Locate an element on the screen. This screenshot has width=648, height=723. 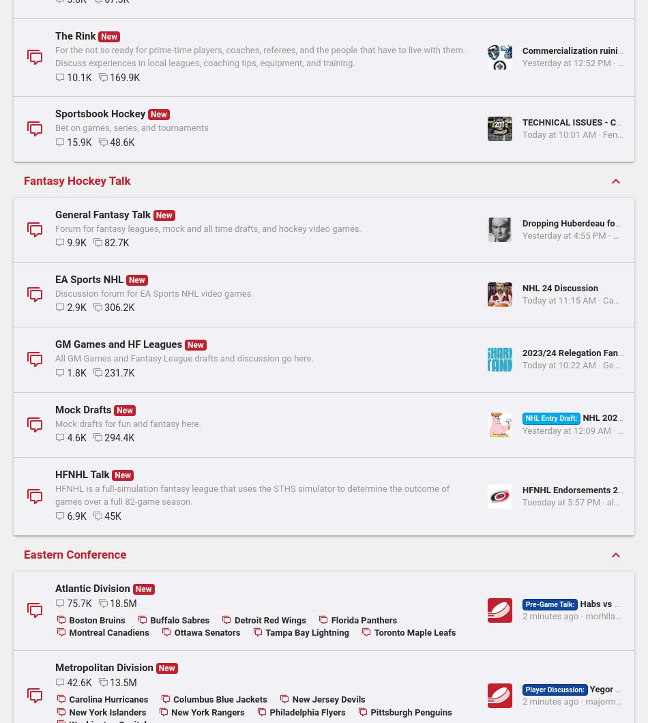
'Brenden Morrow vs Jarome Iginla Mar 31st, 2001' is located at coordinates (456, 158).